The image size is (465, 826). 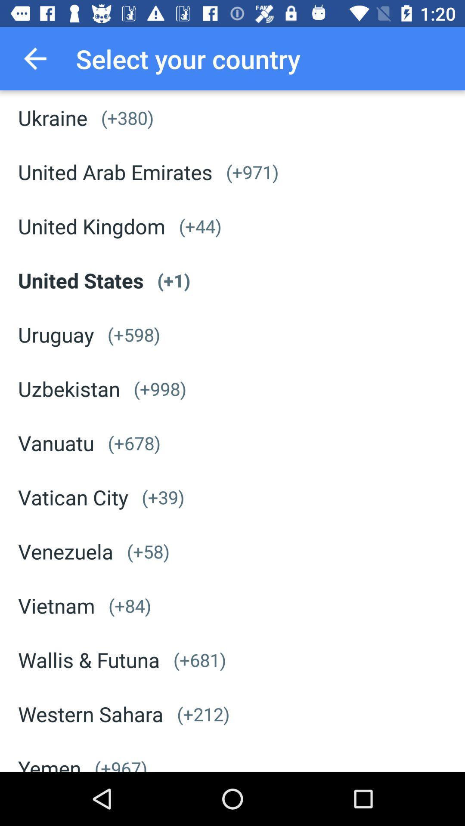 I want to click on (+39) icon, so click(x=163, y=497).